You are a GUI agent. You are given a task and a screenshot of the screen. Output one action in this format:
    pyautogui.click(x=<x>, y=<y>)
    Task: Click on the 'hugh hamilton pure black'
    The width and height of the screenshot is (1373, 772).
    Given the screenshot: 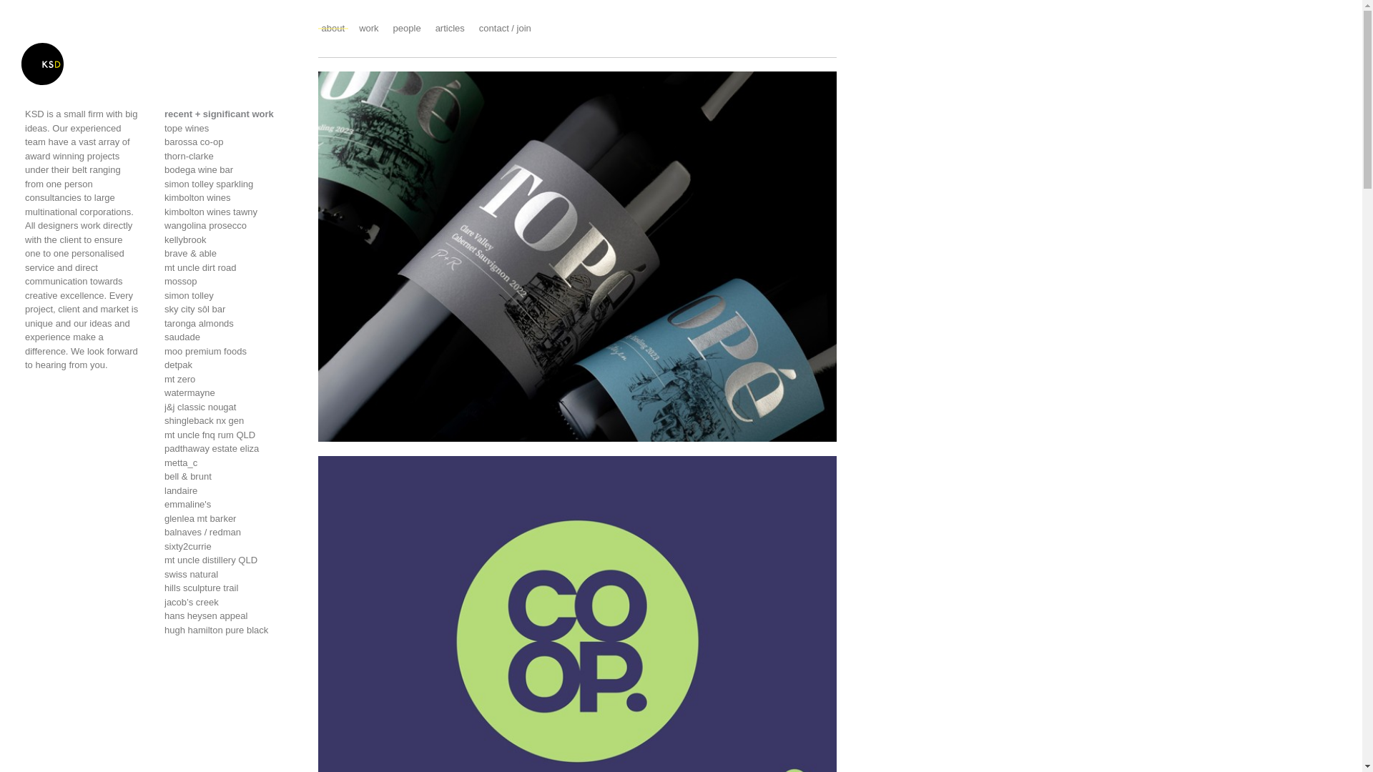 What is the action you would take?
    pyautogui.click(x=229, y=630)
    